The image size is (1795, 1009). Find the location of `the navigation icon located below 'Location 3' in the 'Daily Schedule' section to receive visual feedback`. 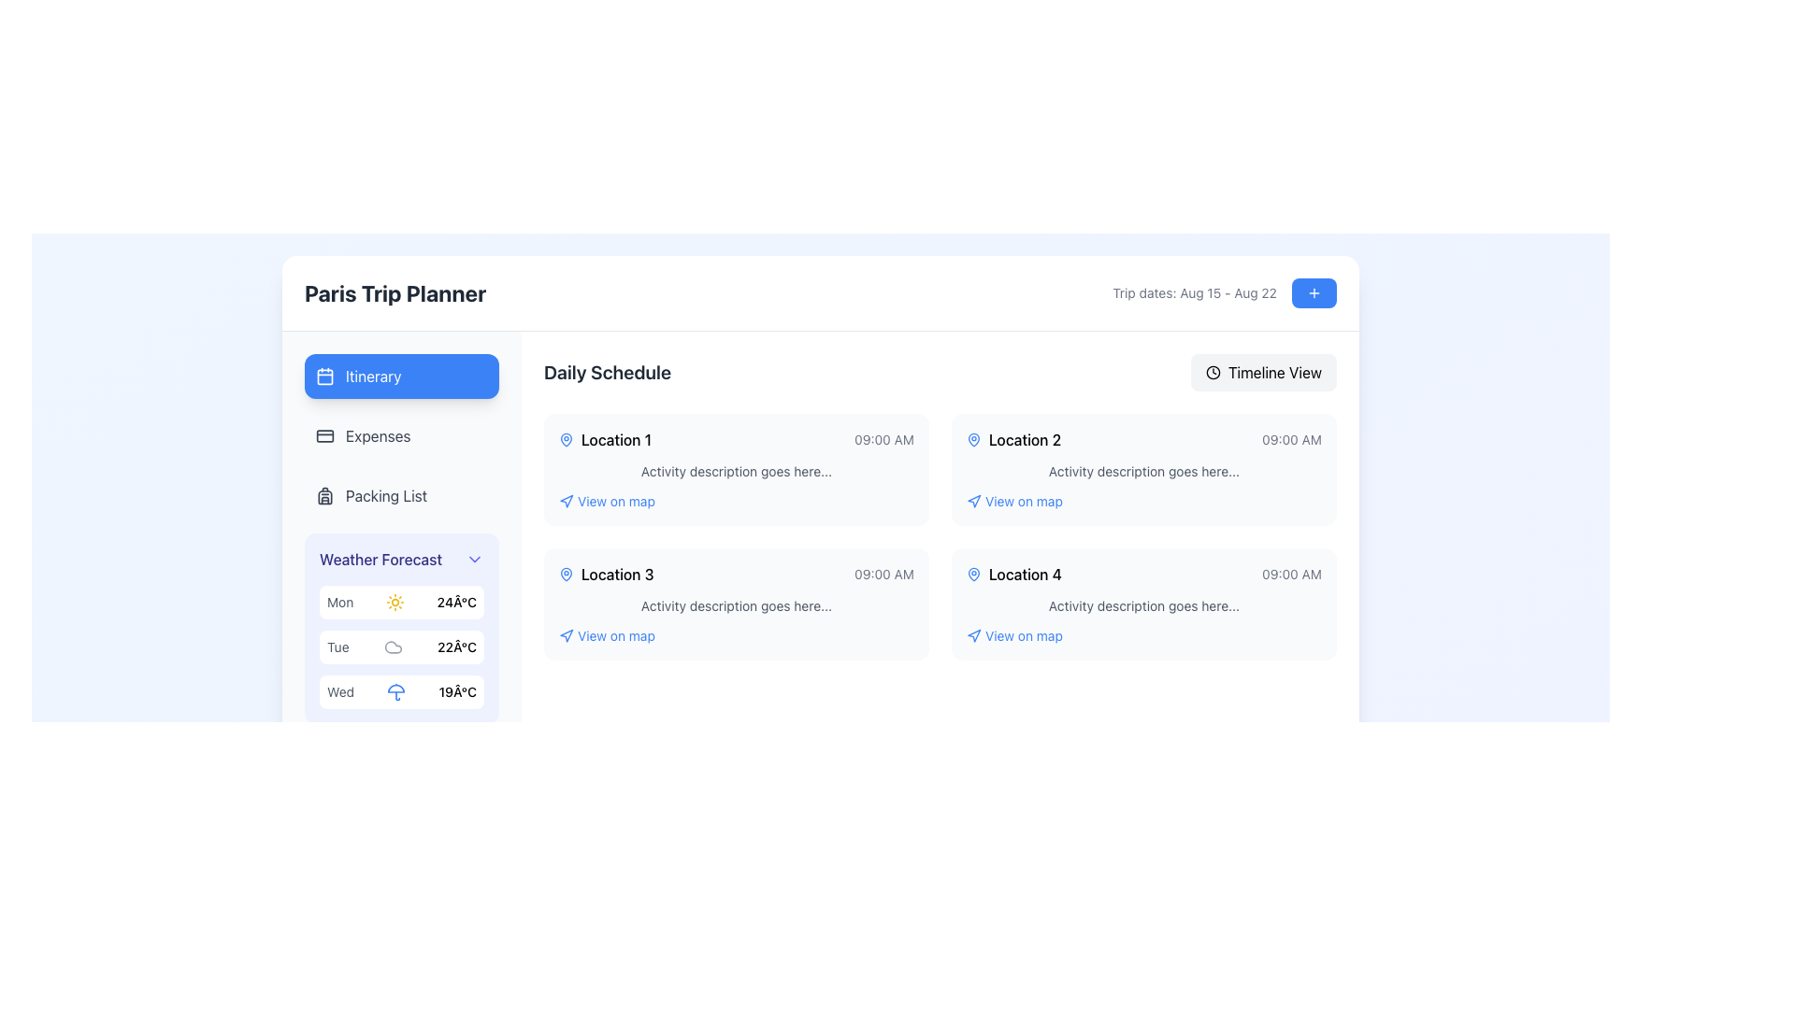

the navigation icon located below 'Location 3' in the 'Daily Schedule' section to receive visual feedback is located at coordinates (565, 635).